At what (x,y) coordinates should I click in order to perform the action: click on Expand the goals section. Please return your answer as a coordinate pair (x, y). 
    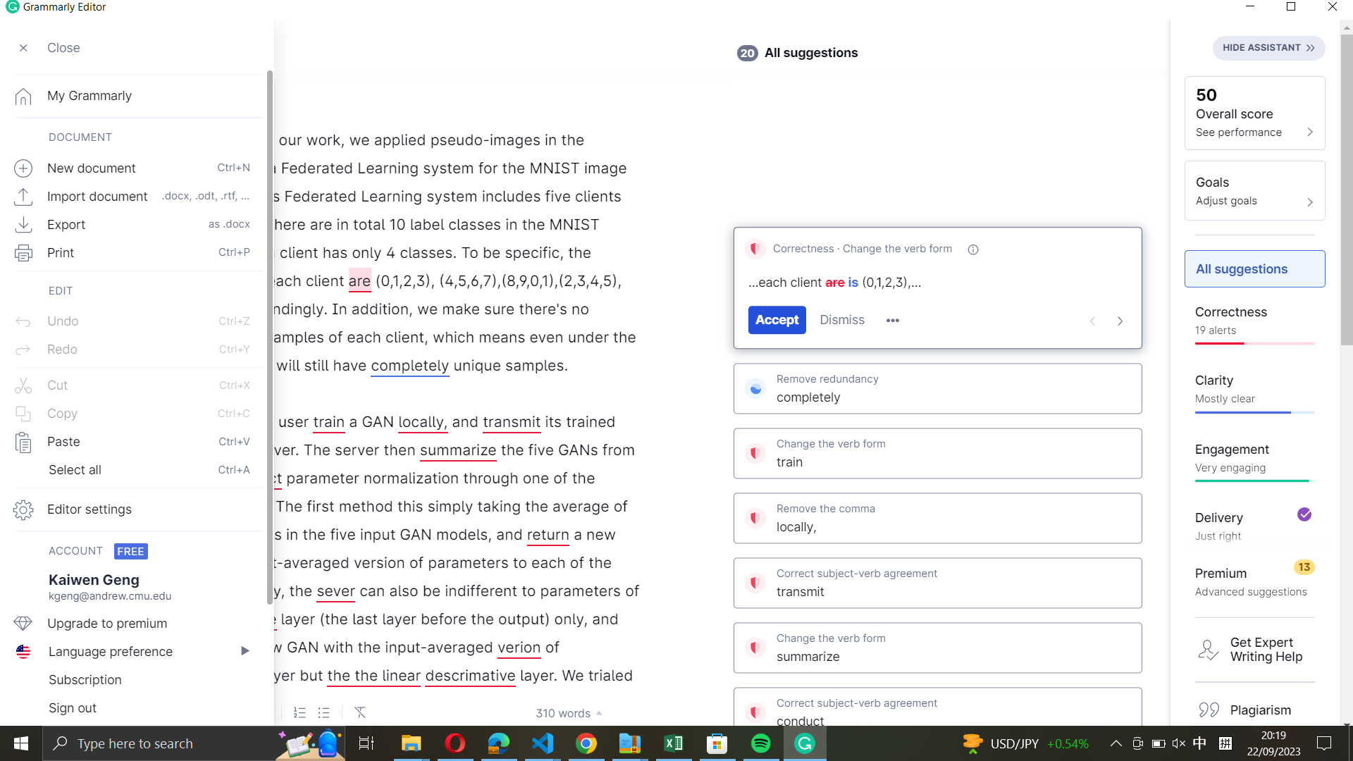
    Looking at the image, I should click on (1254, 190).